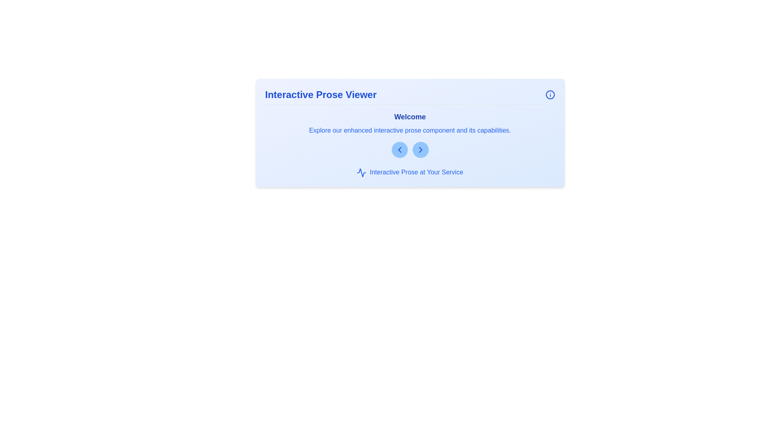 The image size is (773, 434). What do you see at coordinates (420, 150) in the screenshot?
I see `the rightward-pointing chevron-style arrow icon, which is the rightmost of three circular navigational icons located at the bottom center of the card, to trigger additional effects` at bounding box center [420, 150].